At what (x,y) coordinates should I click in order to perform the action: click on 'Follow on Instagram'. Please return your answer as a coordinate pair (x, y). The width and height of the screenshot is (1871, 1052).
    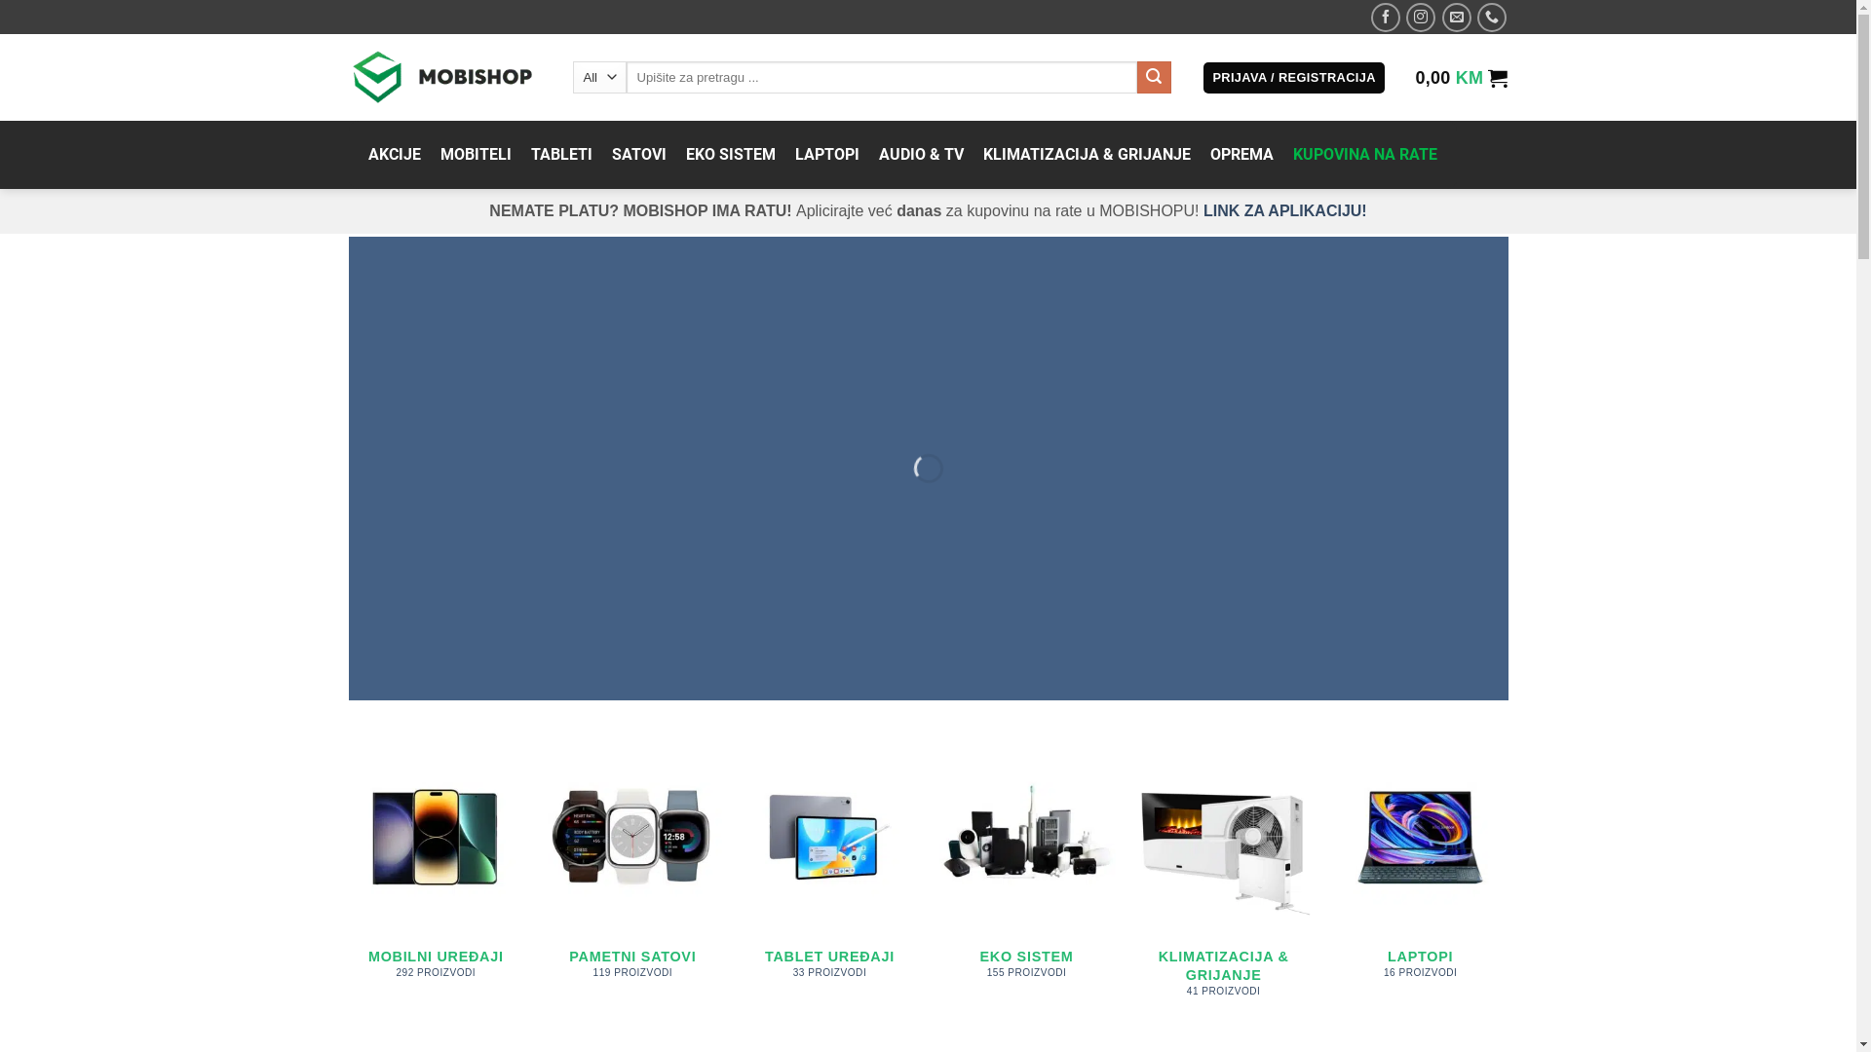
    Looking at the image, I should click on (1421, 16).